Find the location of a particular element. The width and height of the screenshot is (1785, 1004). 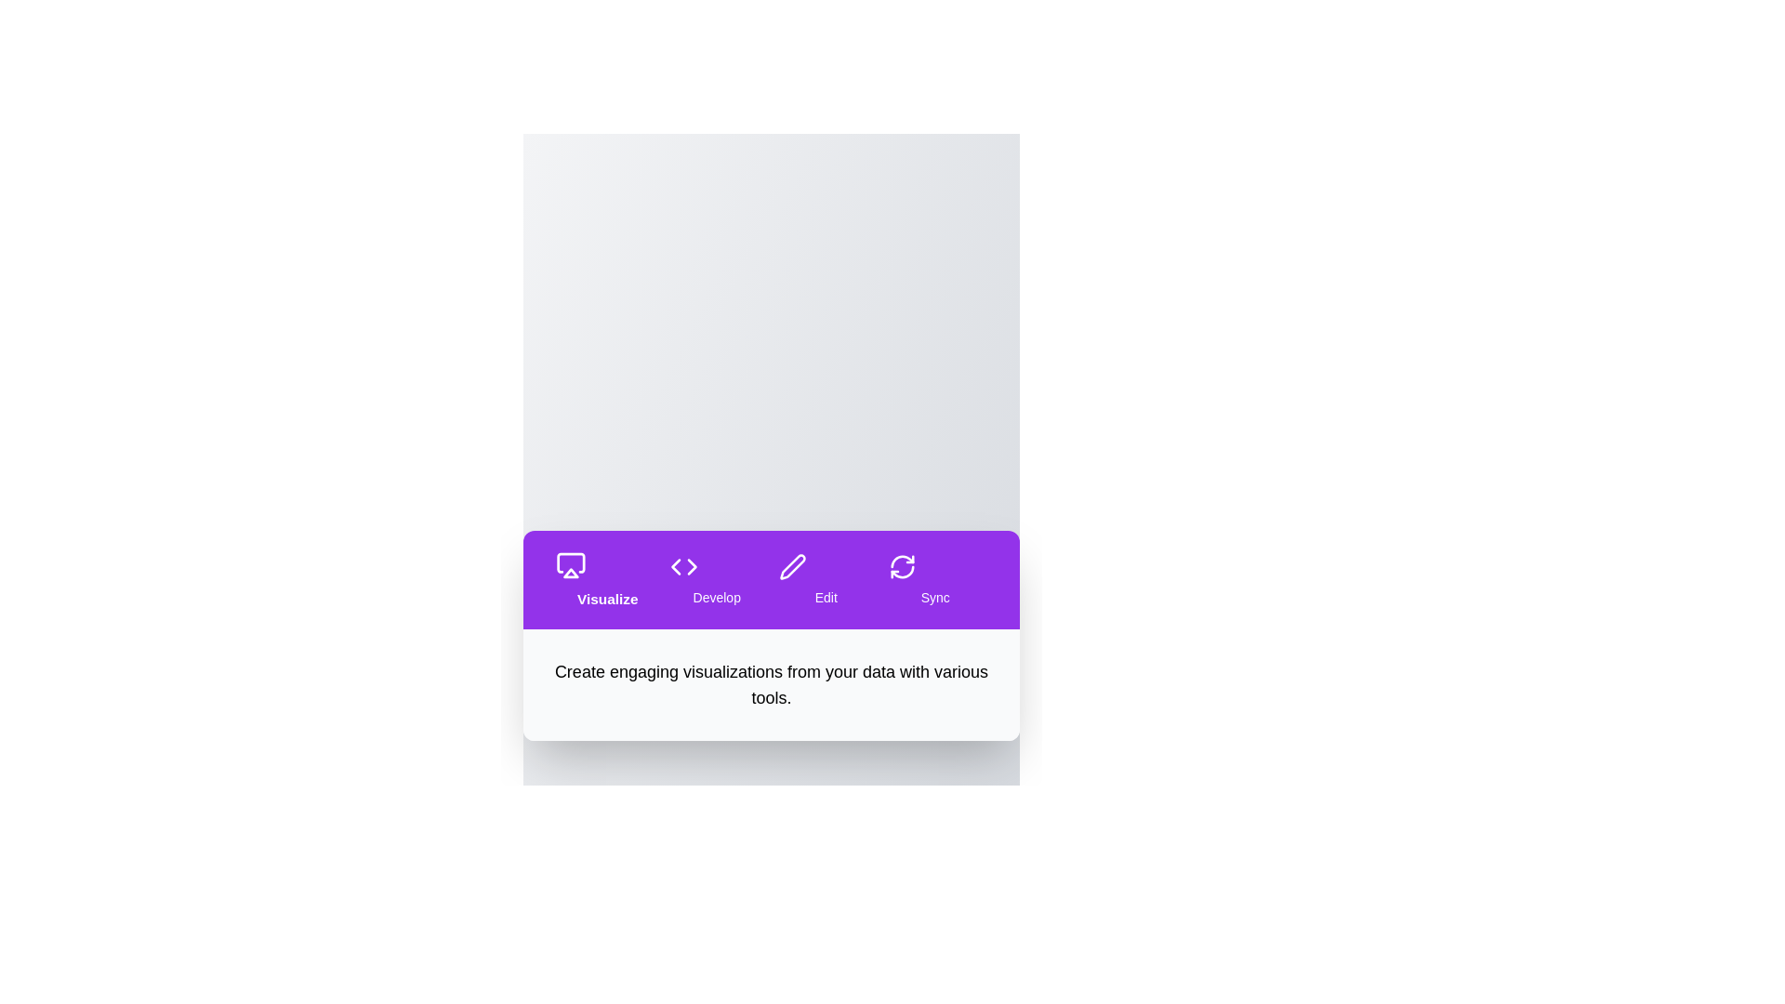

the tab labeled Sync to navigate to its section is located at coordinates (935, 579).